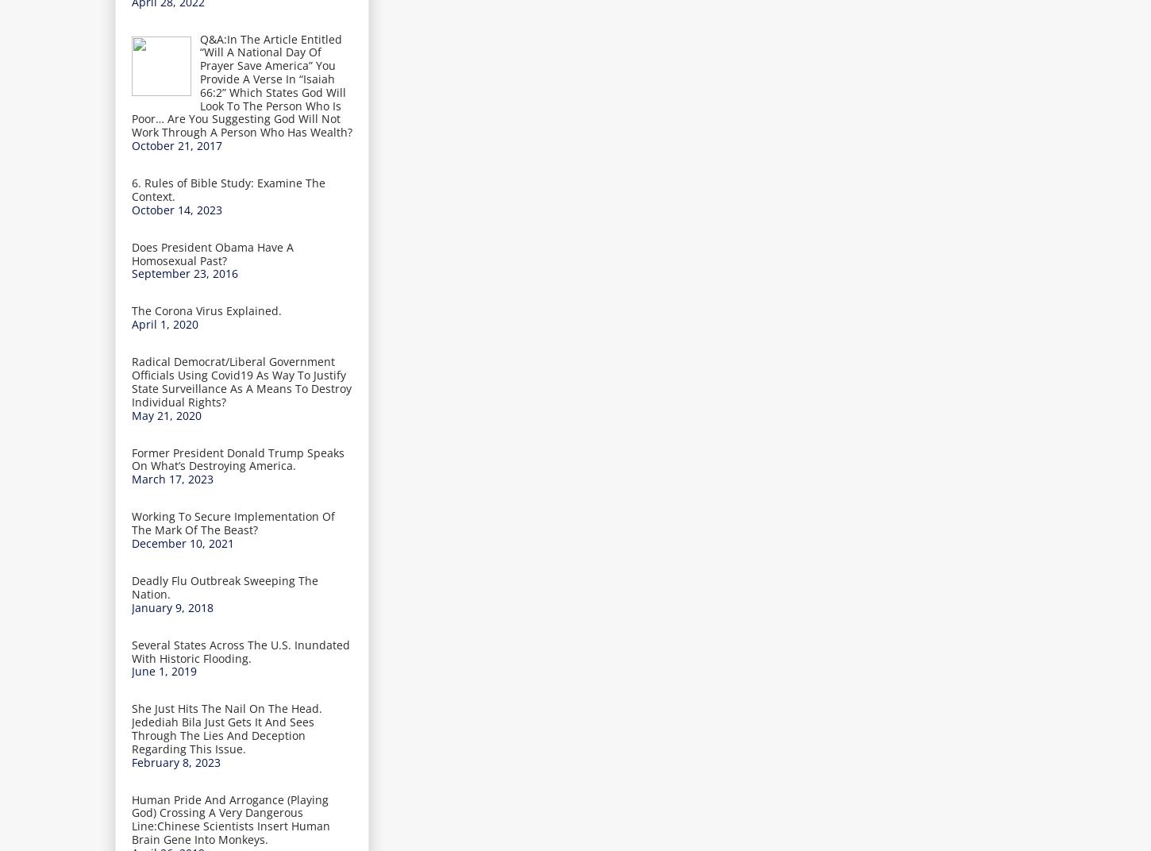  I want to click on 'She Just Hits The Nail On The Head. Jedediah Bila Just Gets It And Sees Through The Lies And Deception Regarding This Issue.', so click(226, 728).